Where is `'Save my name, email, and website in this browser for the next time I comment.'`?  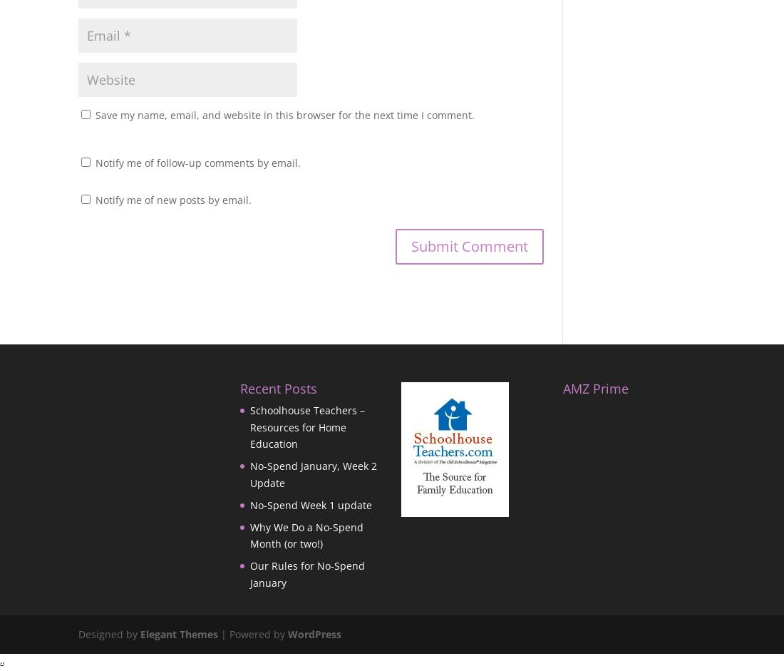 'Save my name, email, and website in this browser for the next time I comment.' is located at coordinates (284, 113).